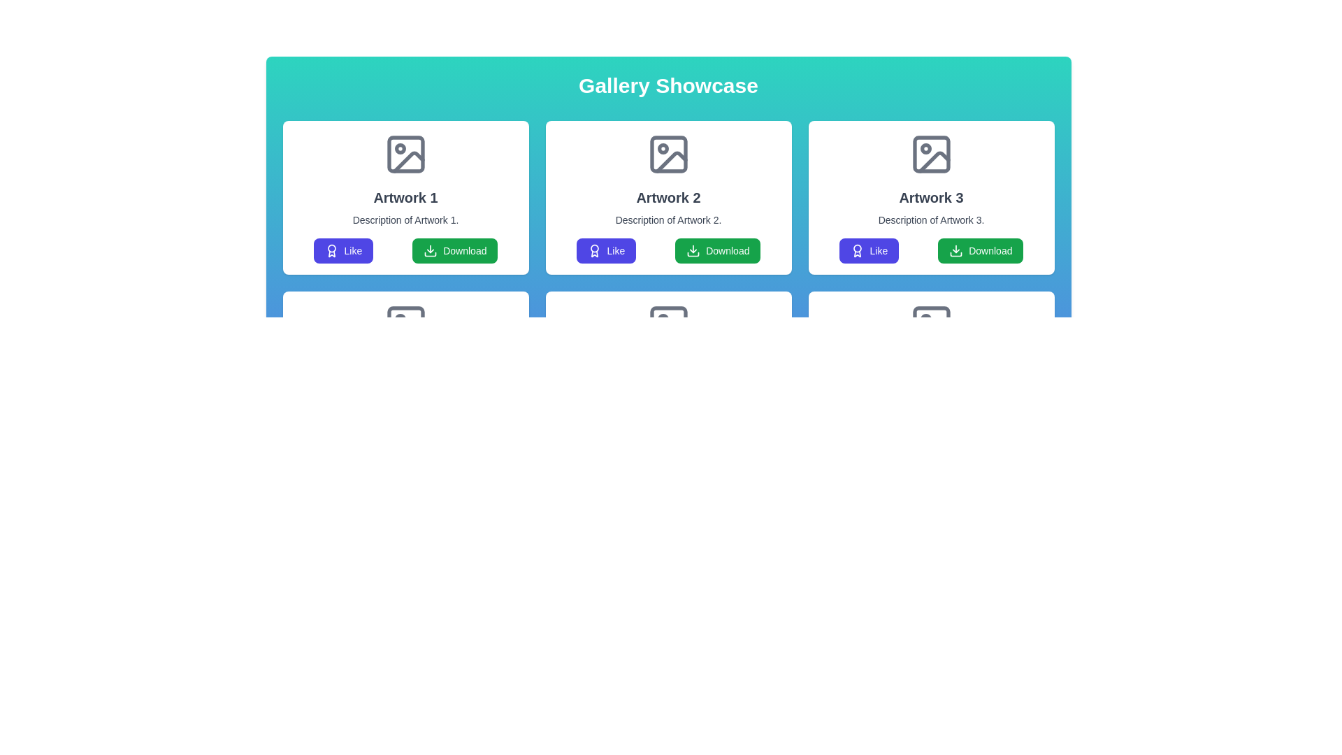 The image size is (1342, 755). I want to click on the text block that displays 'Description of Artwork 1.' located beneath the title 'Artwork 1' in the card component, so click(405, 220).